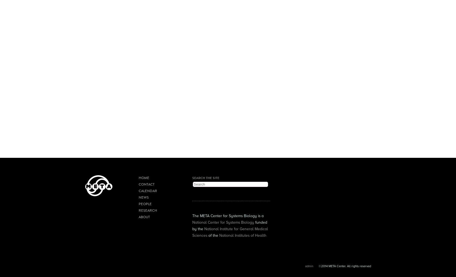 The image size is (456, 277). What do you see at coordinates (143, 197) in the screenshot?
I see `'News'` at bounding box center [143, 197].